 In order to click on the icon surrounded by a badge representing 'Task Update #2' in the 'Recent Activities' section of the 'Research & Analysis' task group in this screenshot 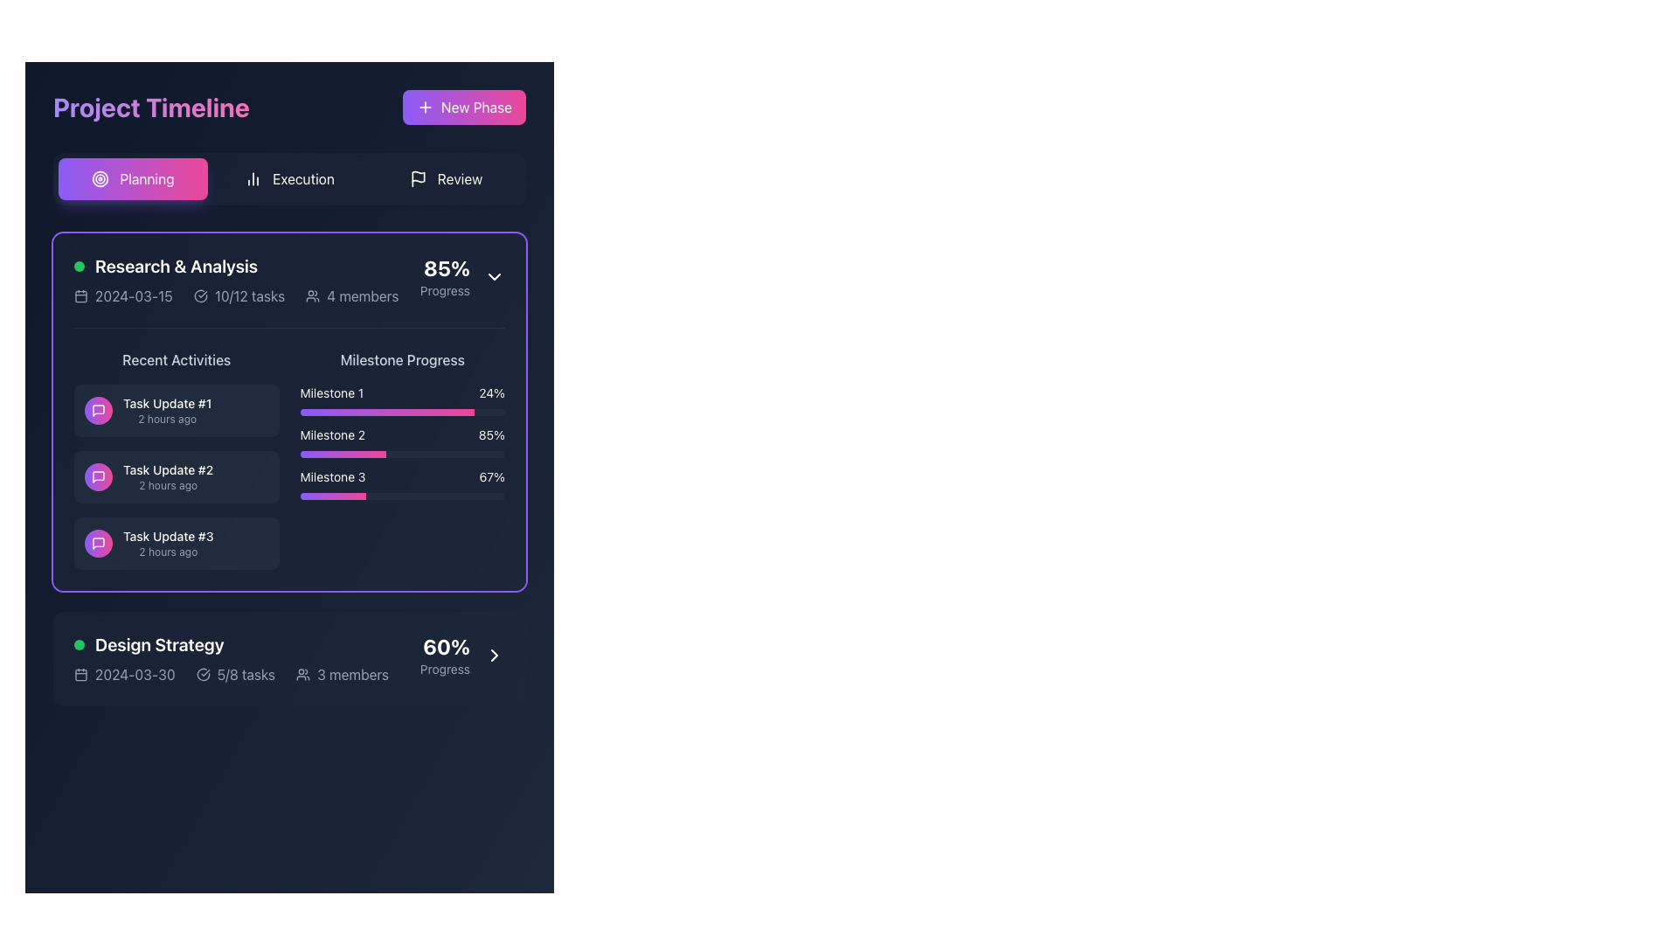, I will do `click(98, 477)`.